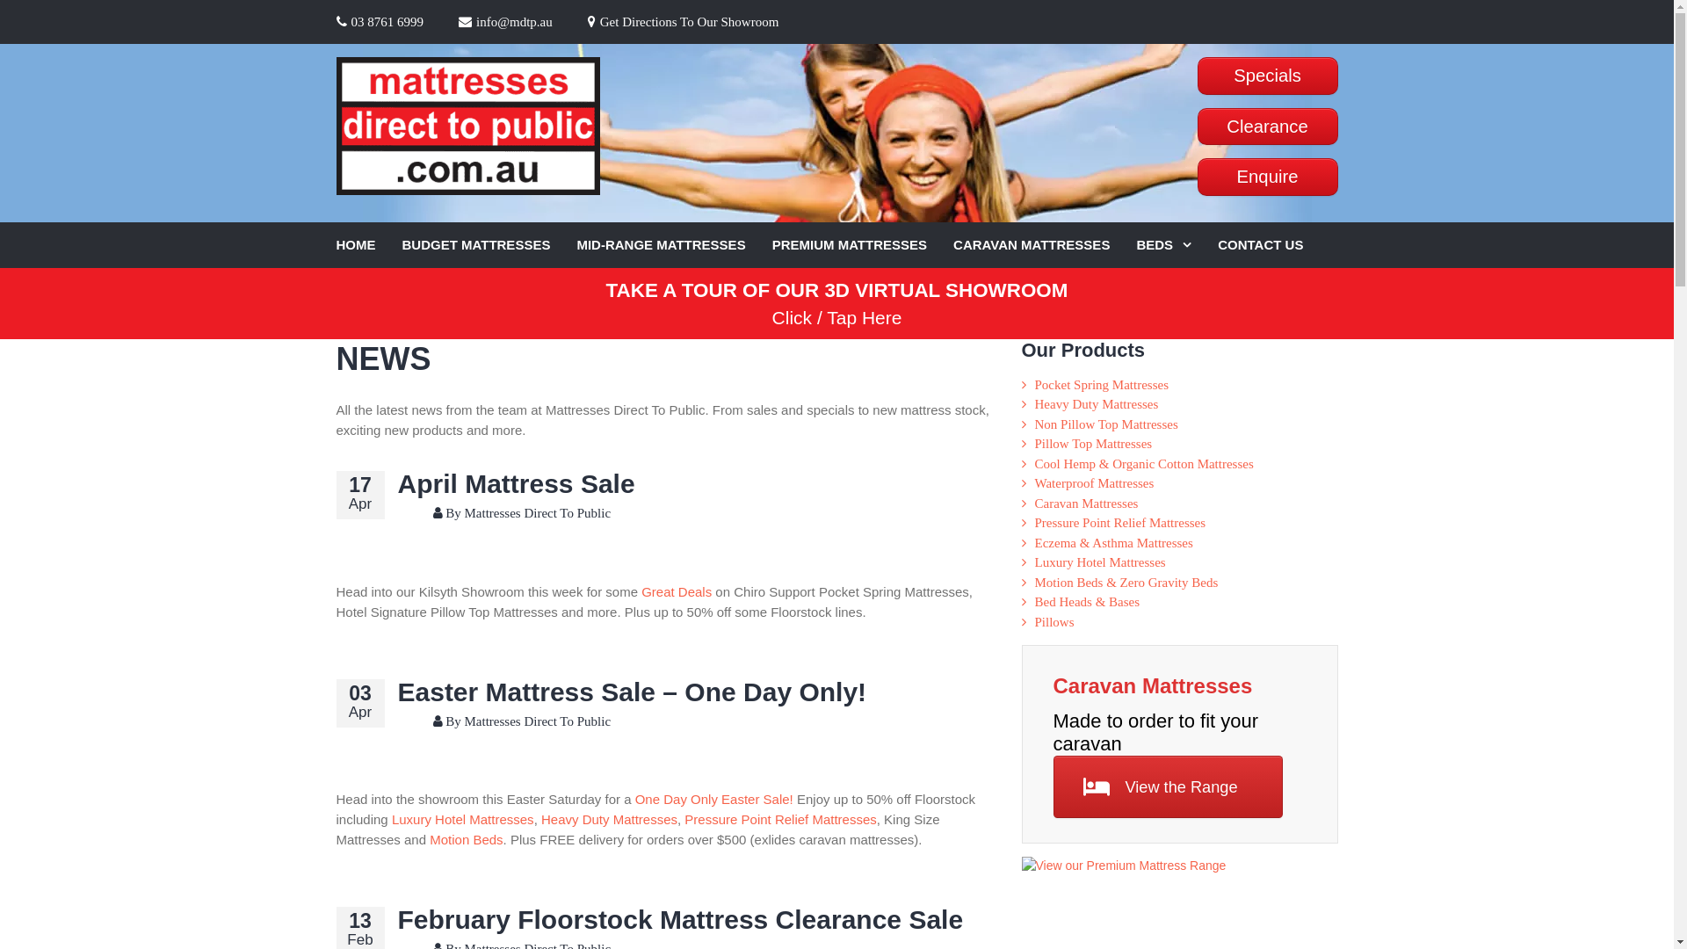 The height and width of the screenshot is (949, 1687). Describe the element at coordinates (1100, 384) in the screenshot. I see `'Pocket Spring Mattresses'` at that location.